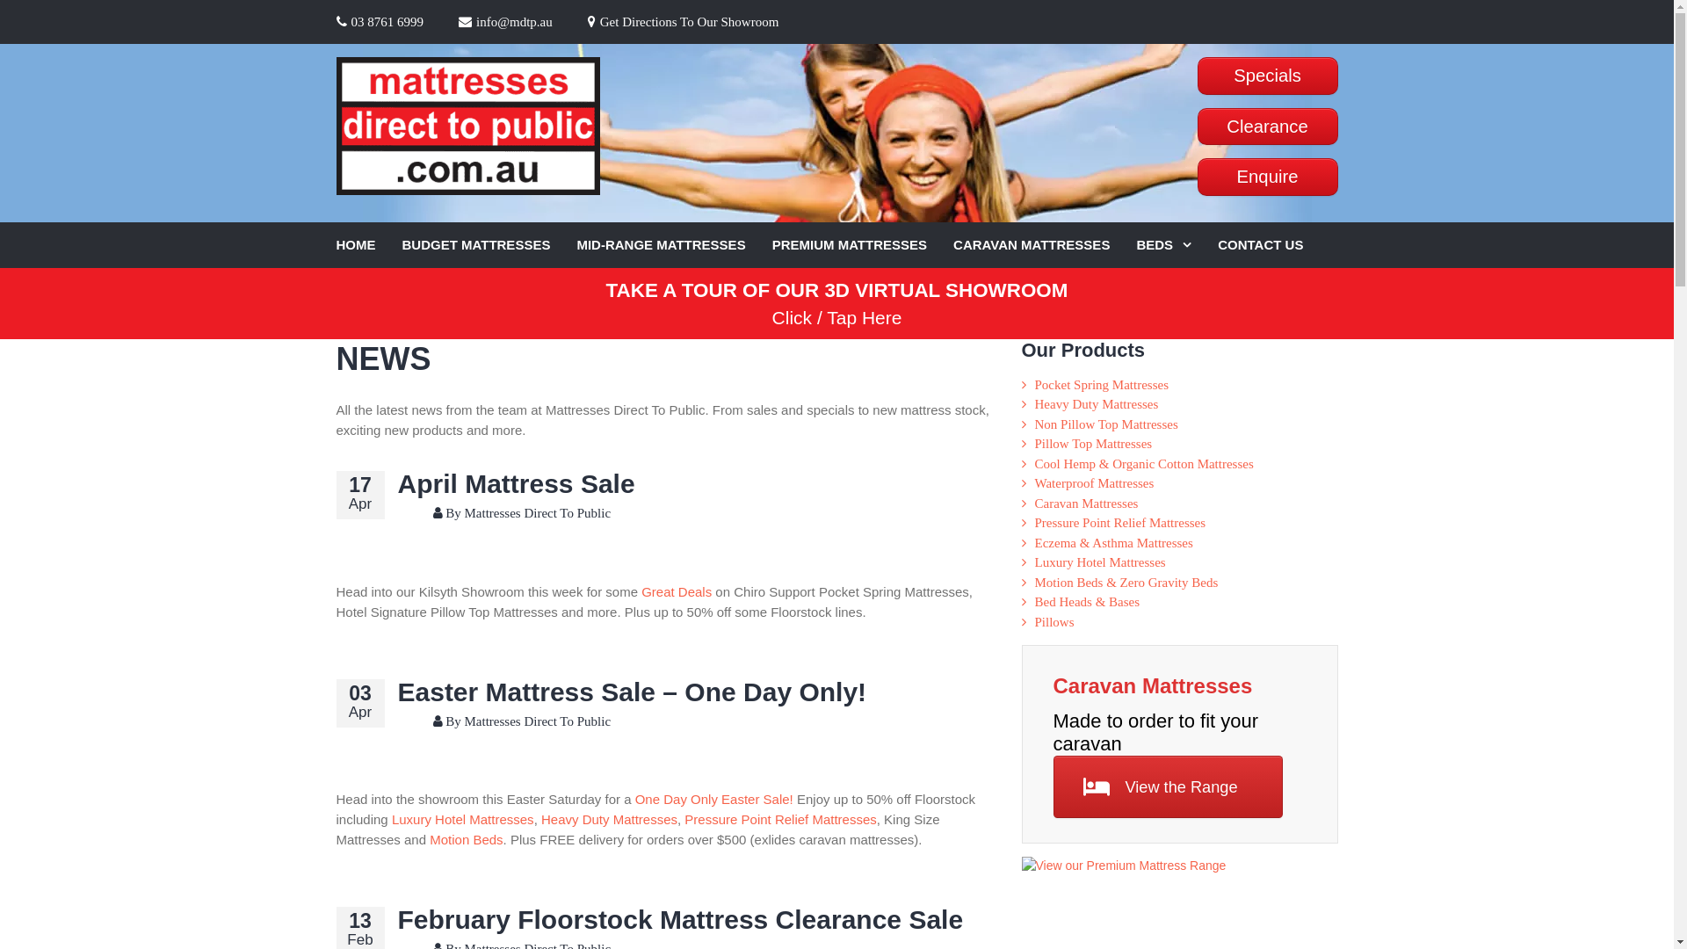 The height and width of the screenshot is (949, 1687). Describe the element at coordinates (1100, 384) in the screenshot. I see `'Pocket Spring Mattresses'` at that location.